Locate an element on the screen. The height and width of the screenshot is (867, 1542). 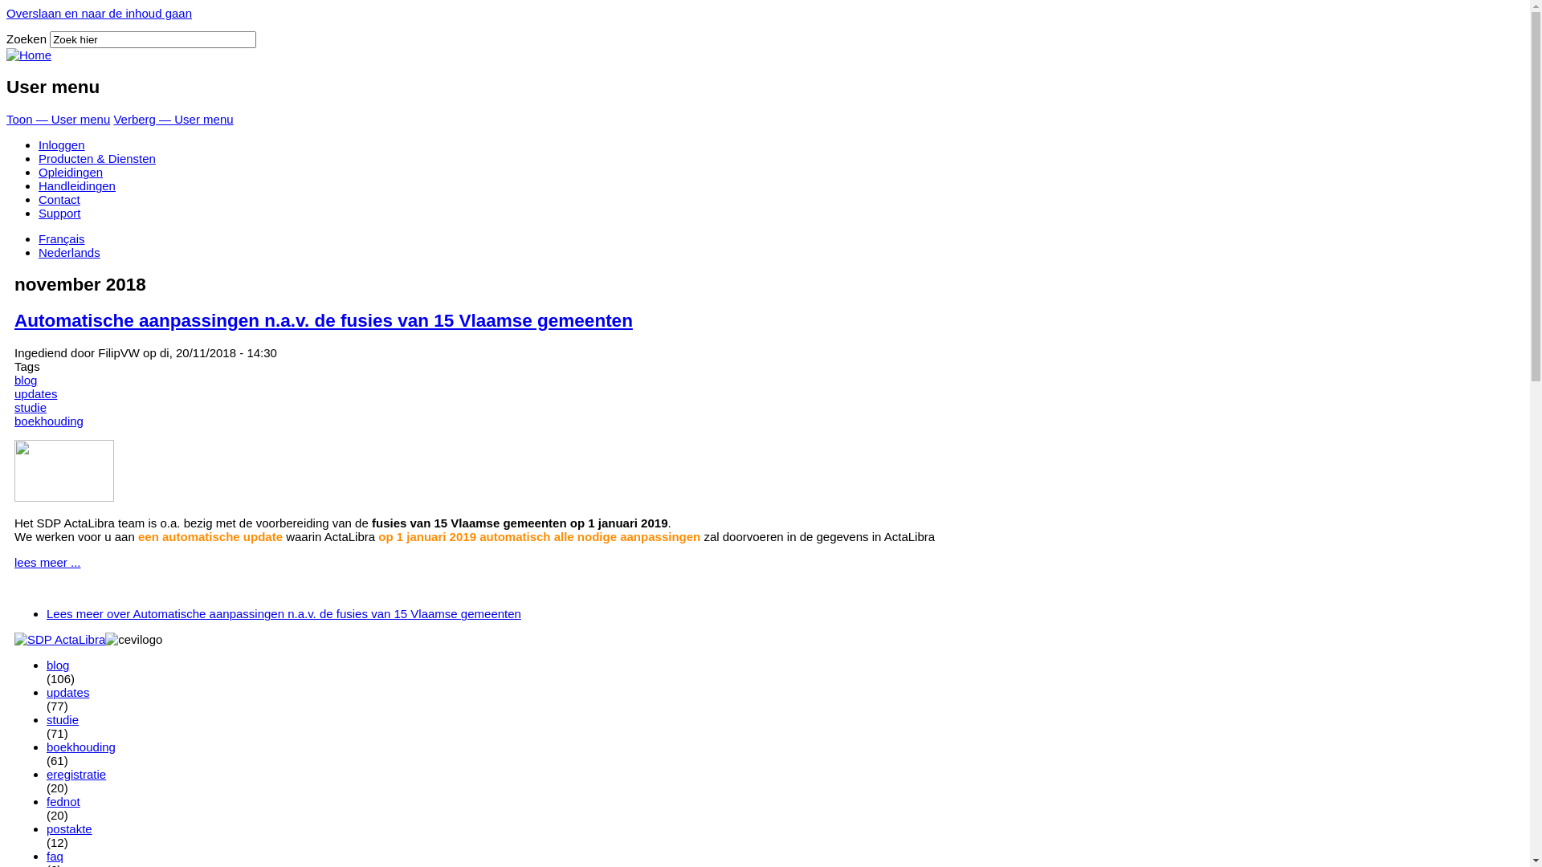
'faq' is located at coordinates (55, 855).